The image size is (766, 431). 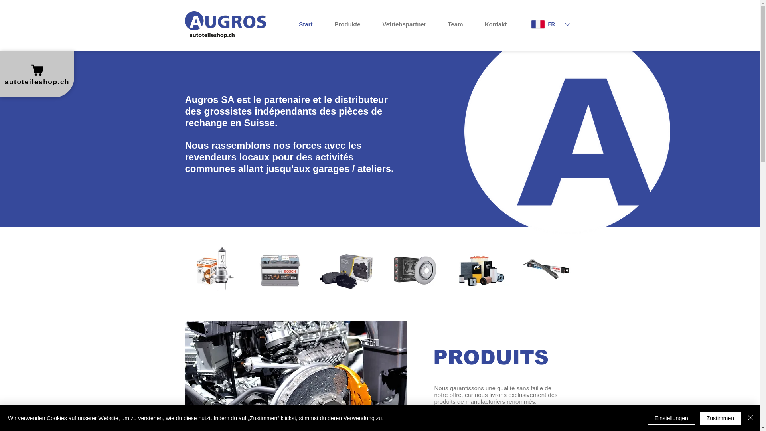 I want to click on 'Zustimmen', so click(x=699, y=418).